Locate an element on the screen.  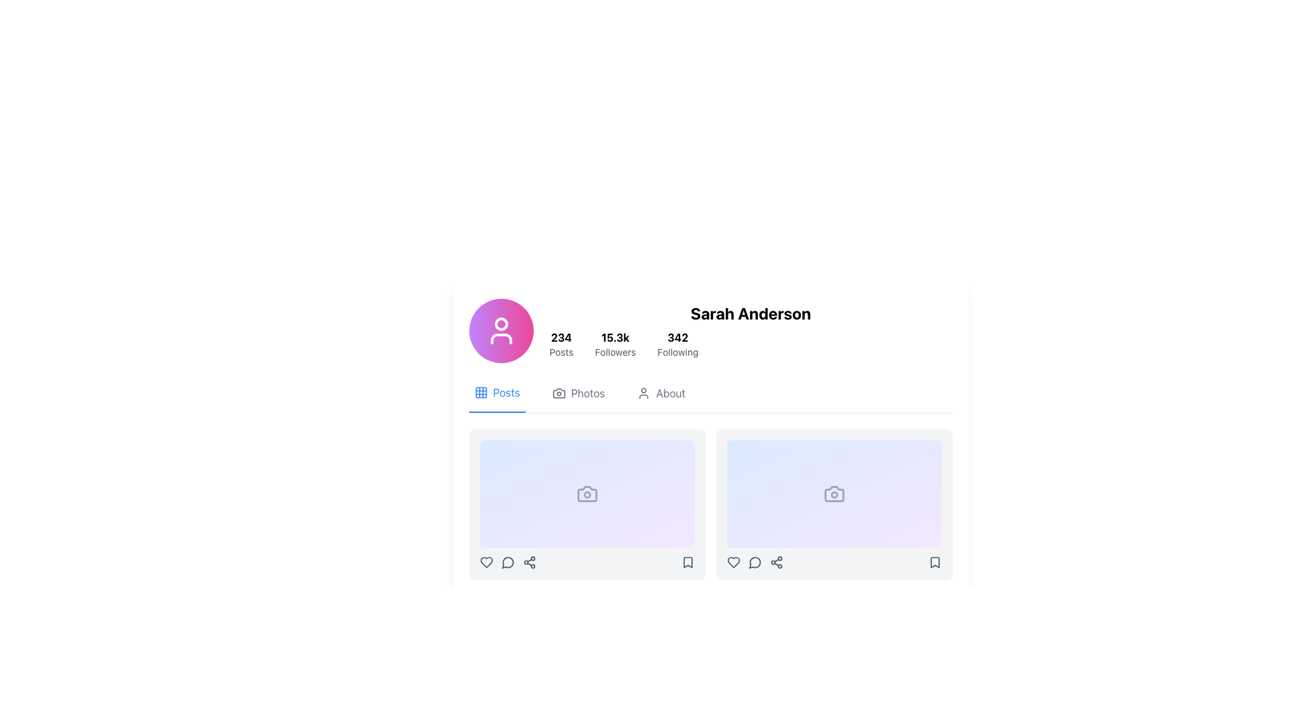
the text label displaying 'Sarah Anderson', which is in bold black text and located in the profile header section above the statistics for 'Posts', 'Followers', and 'Following' is located at coordinates (750, 313).